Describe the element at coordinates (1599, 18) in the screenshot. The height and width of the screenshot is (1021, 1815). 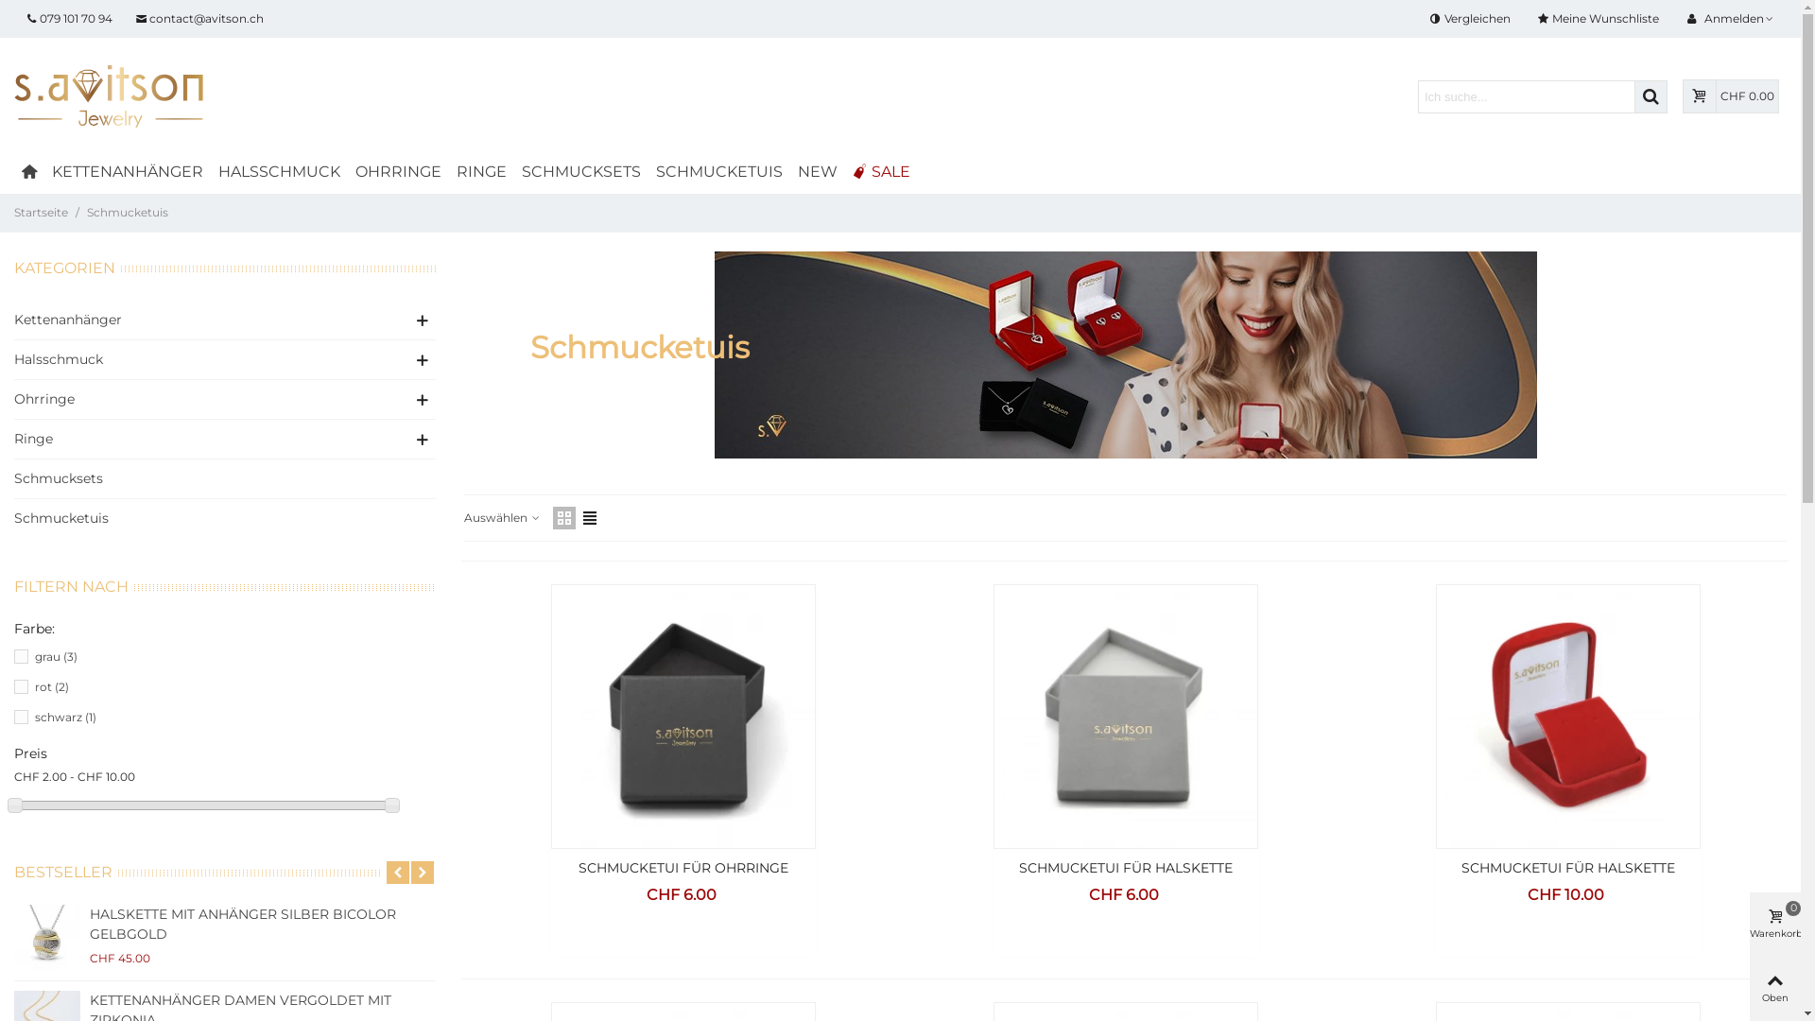
I see `'Meine Wunschliste'` at that location.